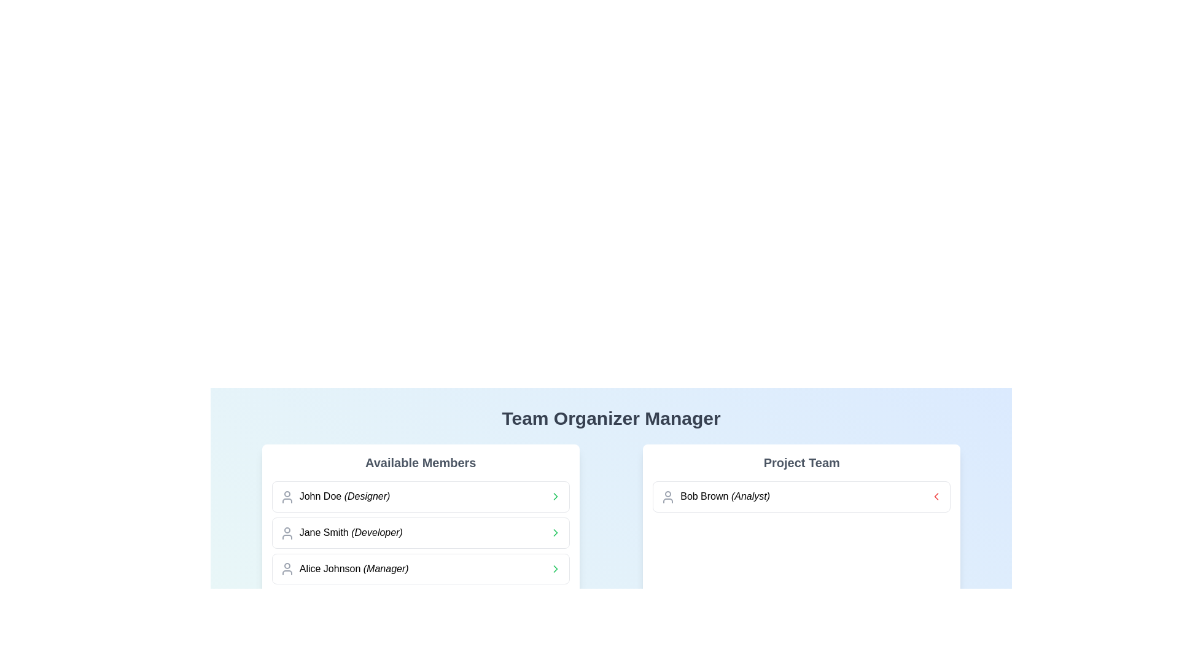 This screenshot has height=663, width=1179. I want to click on the text label '(Designer)' that is aligned to the right of 'John Doe', so click(367, 495).